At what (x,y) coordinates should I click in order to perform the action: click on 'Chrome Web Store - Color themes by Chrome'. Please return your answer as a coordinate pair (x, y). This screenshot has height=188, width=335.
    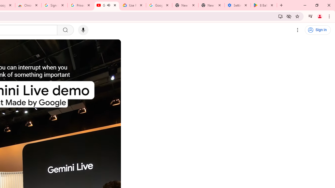
    Looking at the image, I should click on (28, 5).